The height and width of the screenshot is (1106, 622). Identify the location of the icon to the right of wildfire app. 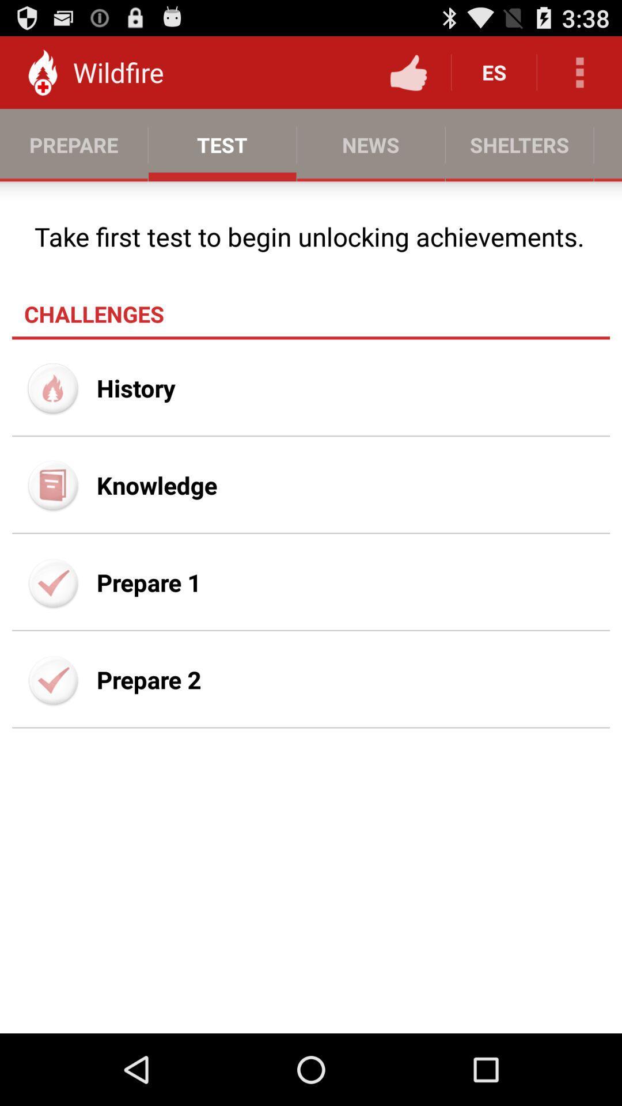
(408, 71).